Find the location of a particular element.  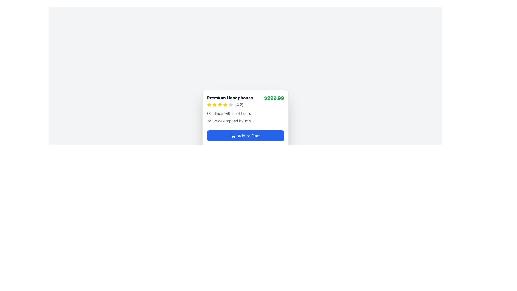

the product is located at coordinates (230, 98).